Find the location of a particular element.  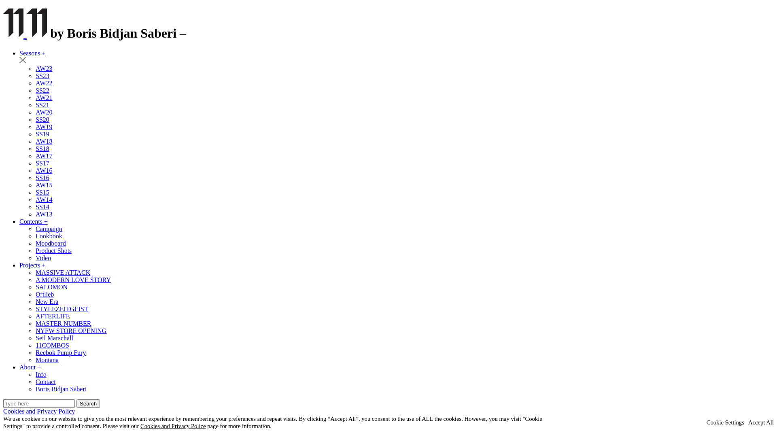

'SS21' is located at coordinates (35, 104).